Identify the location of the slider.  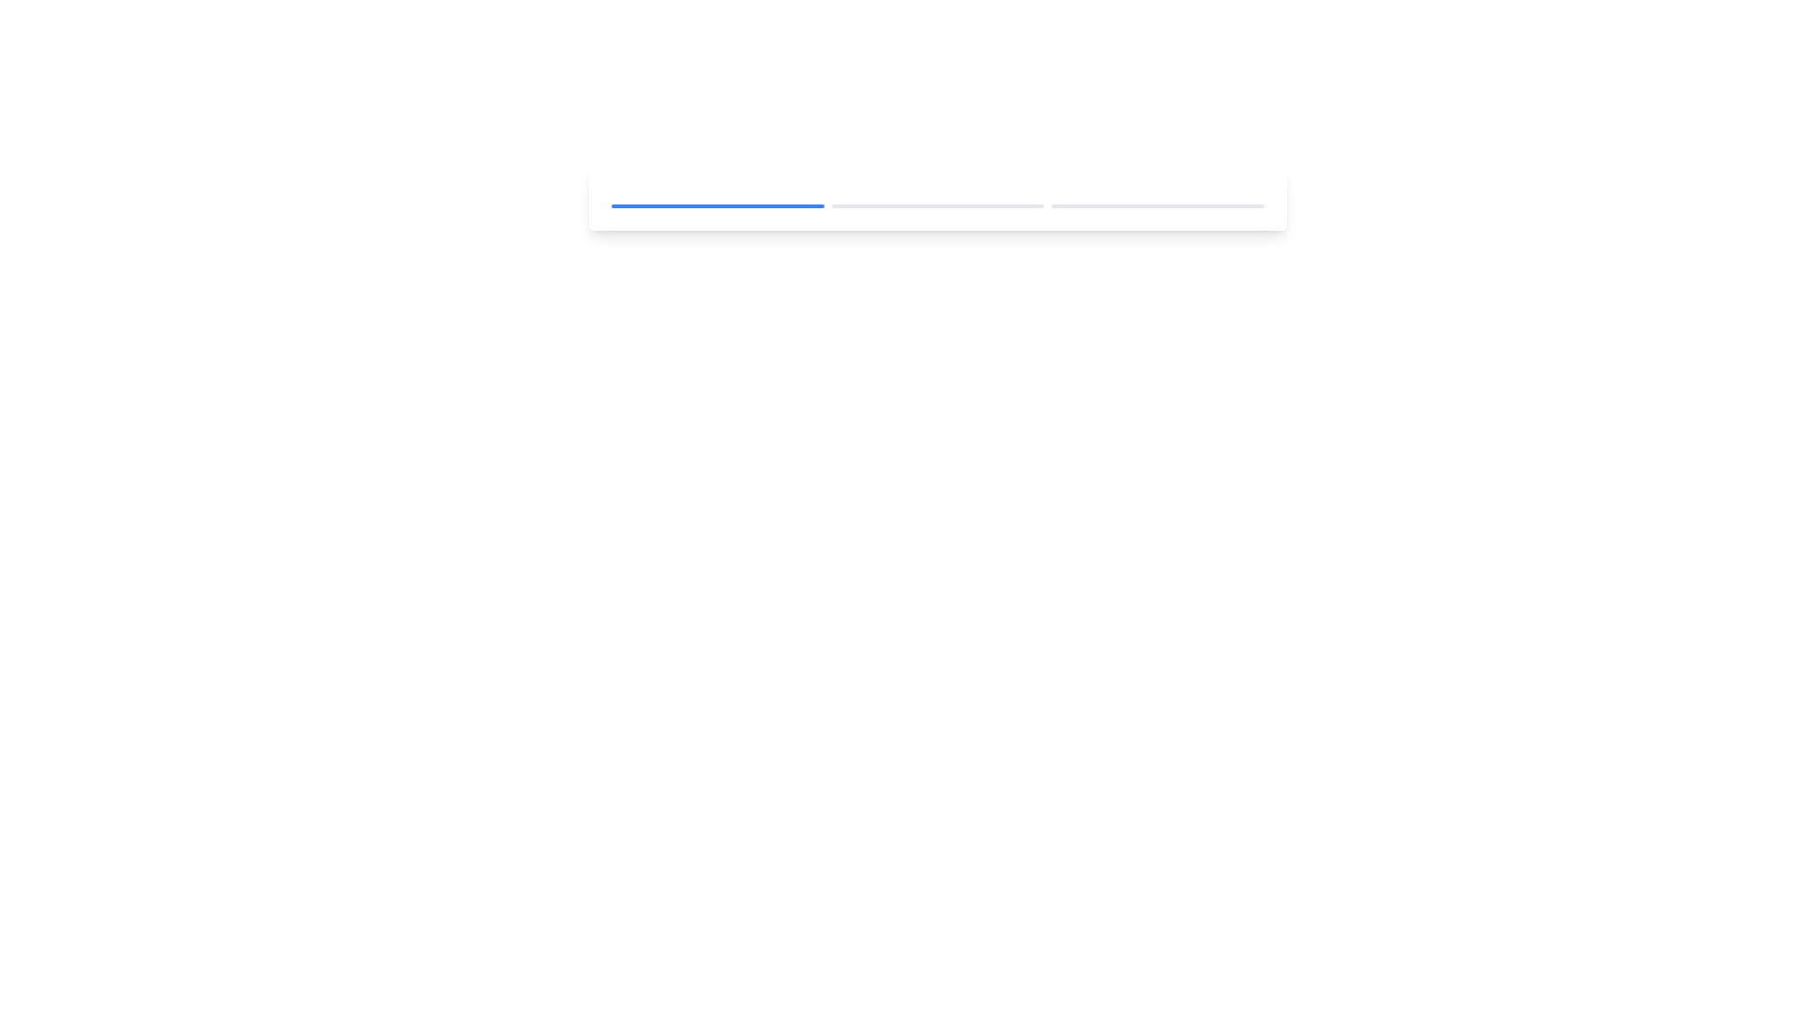
(845, 205).